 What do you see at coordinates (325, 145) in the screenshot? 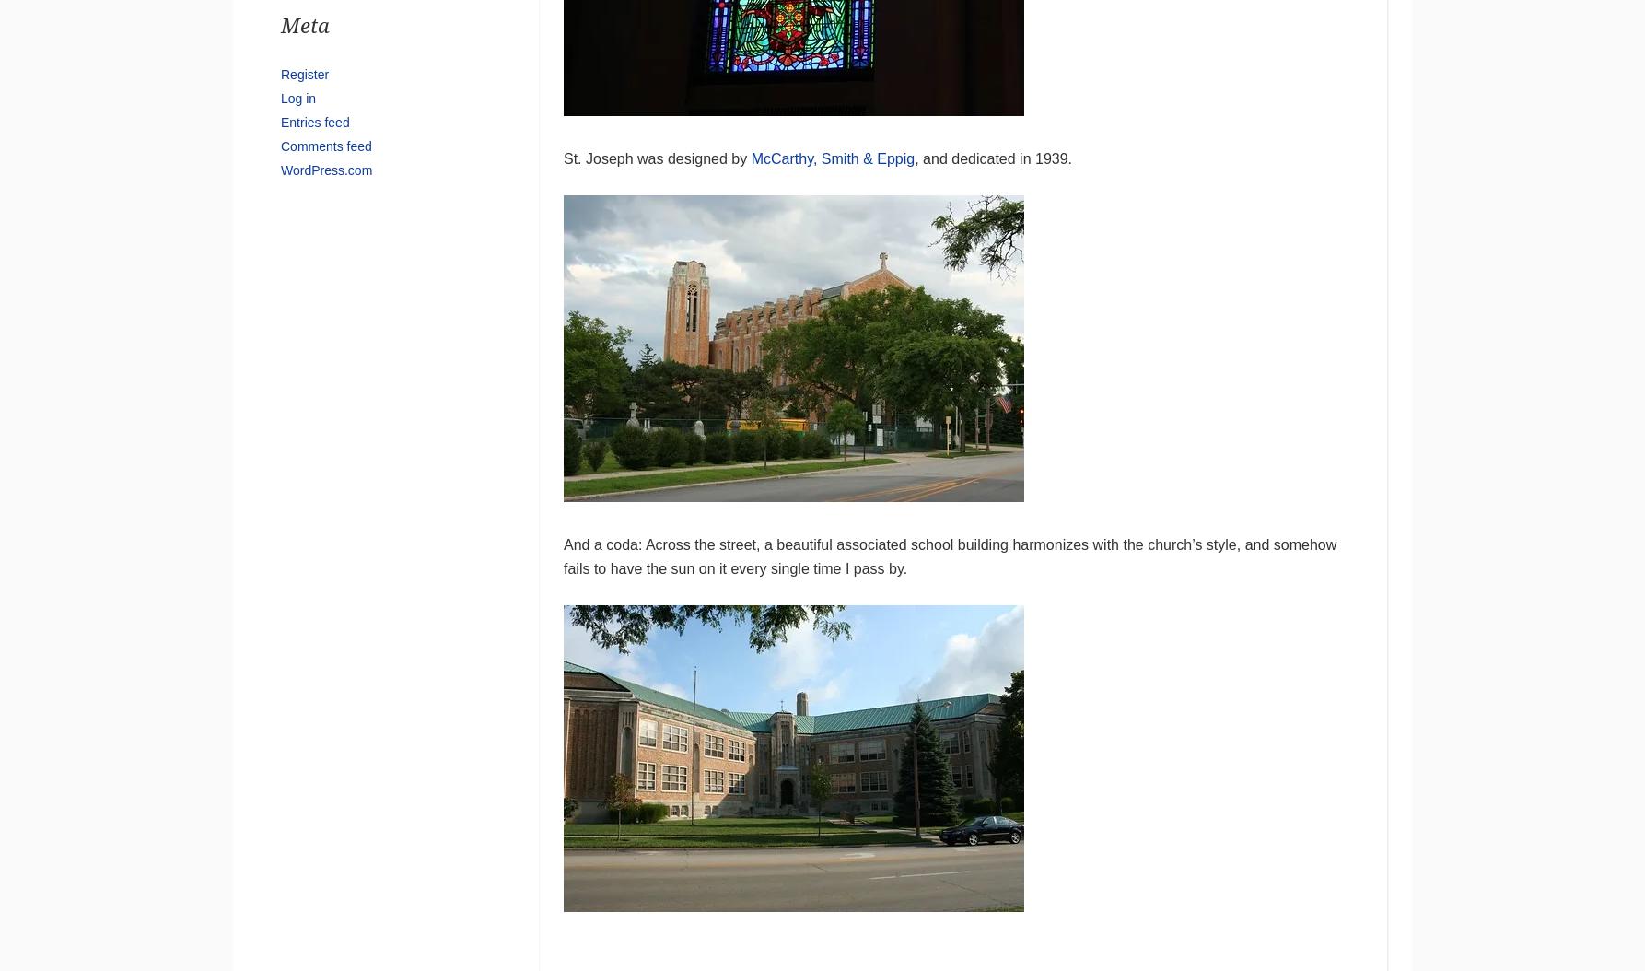
I see `'Comments feed'` at bounding box center [325, 145].